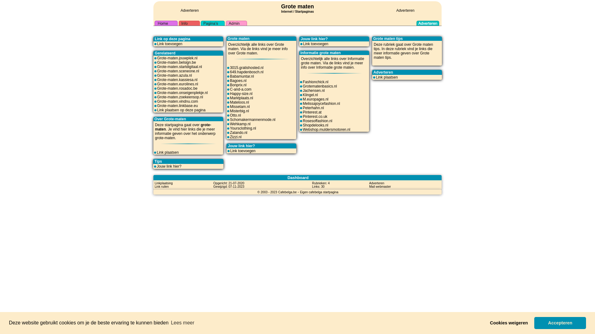 The height and width of the screenshot is (334, 595). What do you see at coordinates (238, 80) in the screenshot?
I see `'Bagoes.nl'` at bounding box center [238, 80].